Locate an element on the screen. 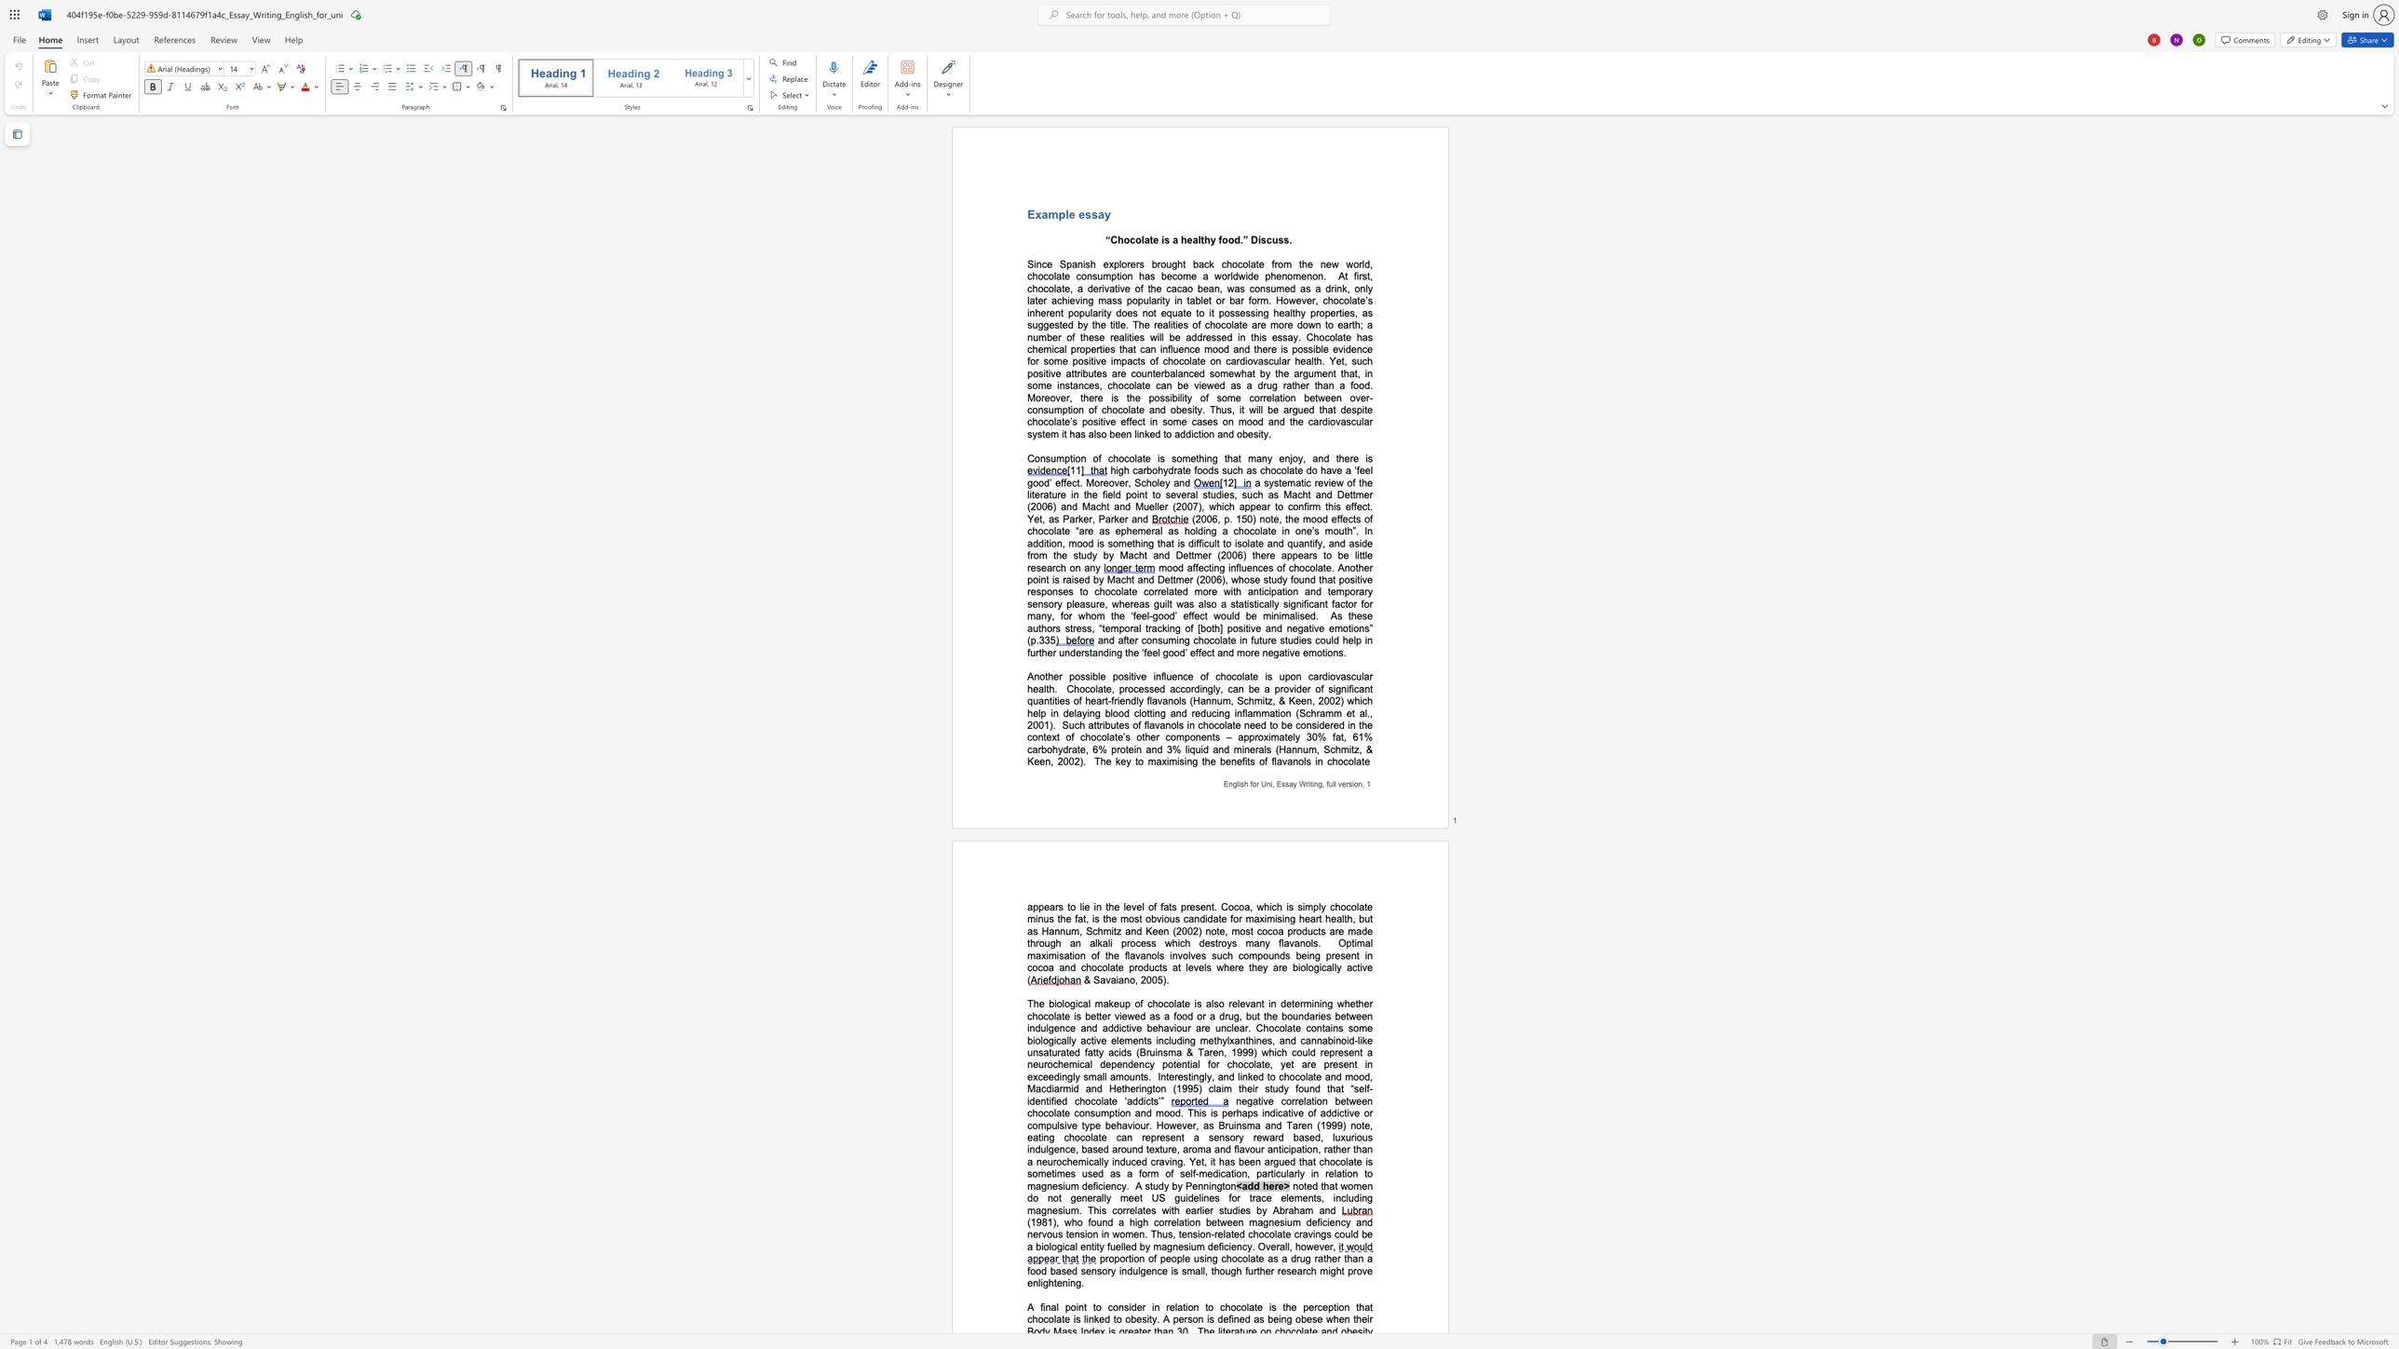  the subset text "t, in some instances, chocolate can be viewed as a drug rather than a food. Moreover, there is the possibility of some correlation between over-consumption of chocolate and obesity. Thus, it will be argued that des" within the text "the argument that, in some instances, chocolate can be viewed as a drug rather than a food. Moreover, there is the possibility of some correlation between over-consumption of chocolate and obesity. Thus, it will be argued that despite chocolate’s positive effect in some cases on mood and the cardiovascular syst" is located at coordinates (1353, 372).